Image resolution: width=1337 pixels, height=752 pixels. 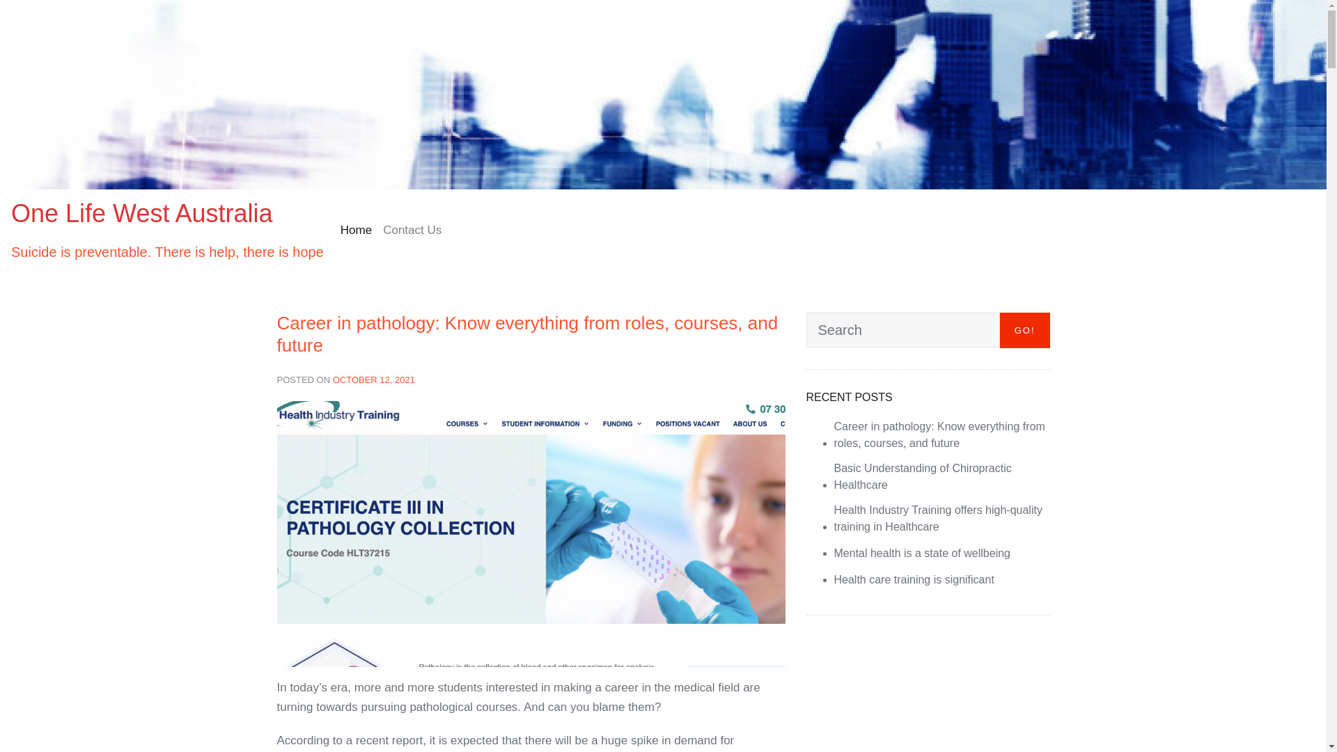 I want to click on 'OCTOBER 12, 2021', so click(x=374, y=379).